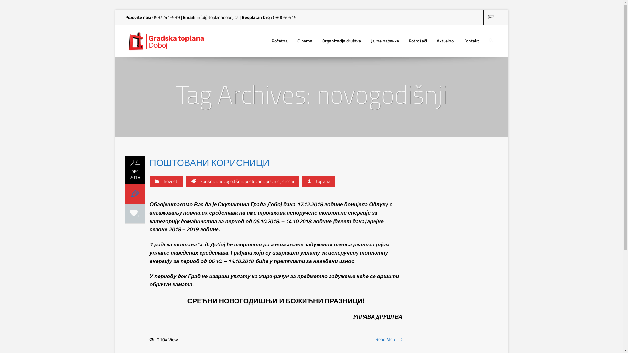 The image size is (628, 353). What do you see at coordinates (316, 181) in the screenshot?
I see `'toplana'` at bounding box center [316, 181].